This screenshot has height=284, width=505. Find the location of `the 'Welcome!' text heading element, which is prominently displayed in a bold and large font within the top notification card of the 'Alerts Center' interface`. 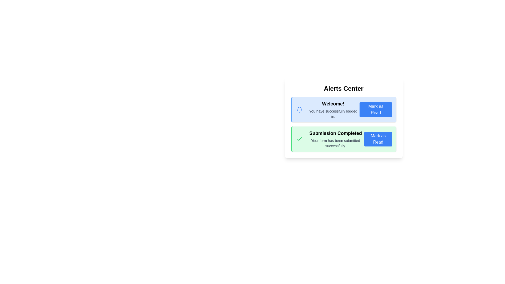

the 'Welcome!' text heading element, which is prominently displayed in a bold and large font within the top notification card of the 'Alerts Center' interface is located at coordinates (333, 104).